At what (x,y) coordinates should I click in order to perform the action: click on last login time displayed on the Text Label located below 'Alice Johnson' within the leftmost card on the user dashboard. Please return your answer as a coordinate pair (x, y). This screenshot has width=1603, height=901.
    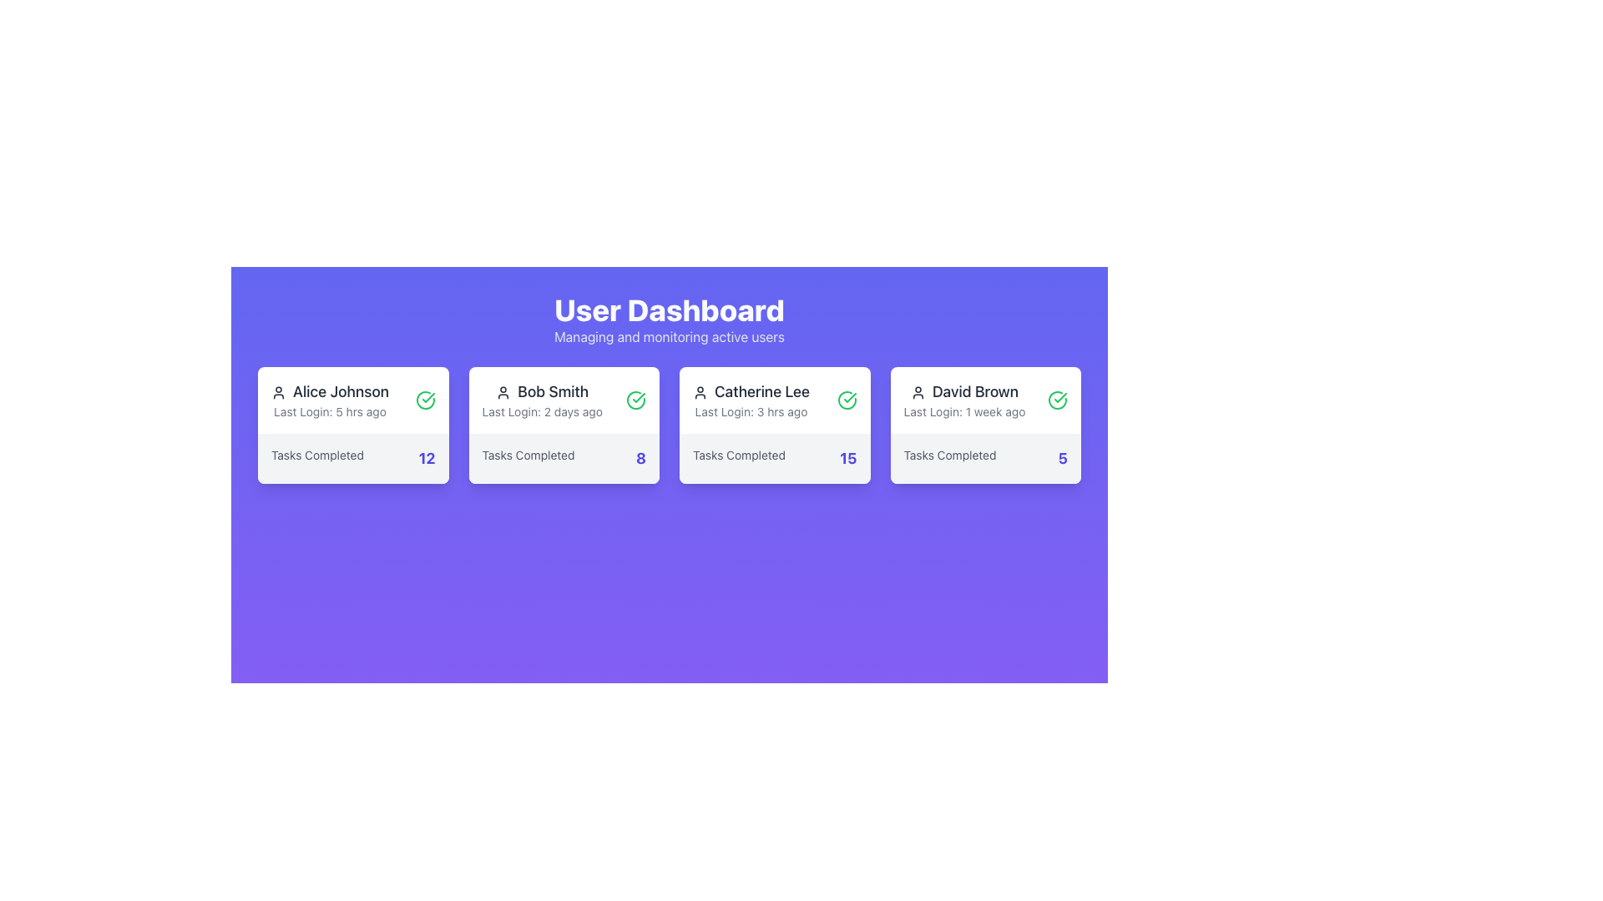
    Looking at the image, I should click on (330, 411).